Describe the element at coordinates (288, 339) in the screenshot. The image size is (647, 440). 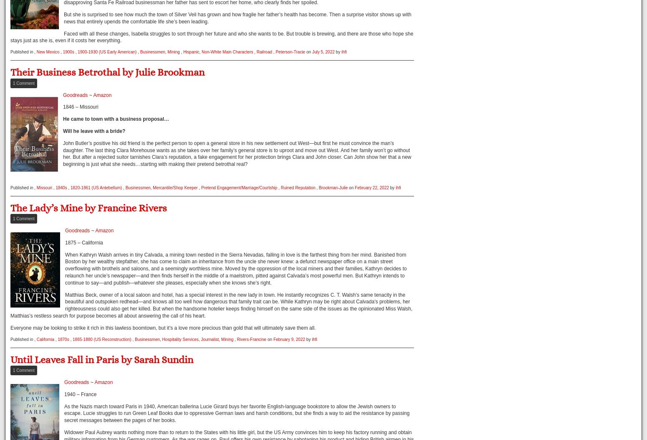
I see `'February 9, 2022'` at that location.